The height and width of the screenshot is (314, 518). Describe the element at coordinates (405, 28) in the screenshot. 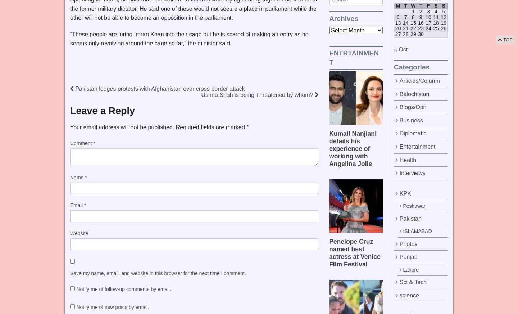

I see `'21'` at that location.